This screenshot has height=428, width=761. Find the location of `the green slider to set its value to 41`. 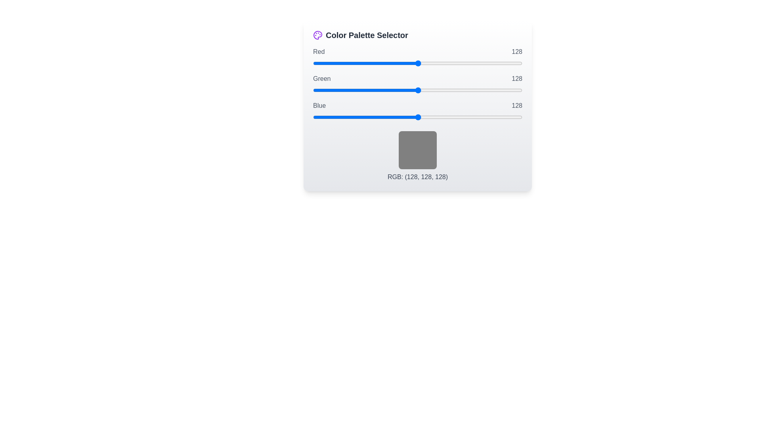

the green slider to set its value to 41 is located at coordinates (346, 90).